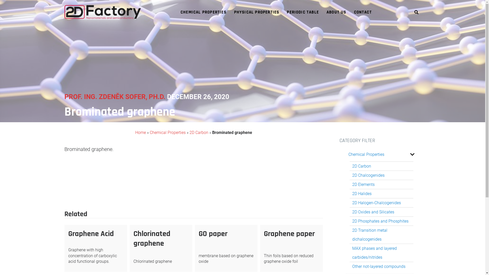  What do you see at coordinates (103, 182) in the screenshot?
I see `'2D Carbon'` at bounding box center [103, 182].